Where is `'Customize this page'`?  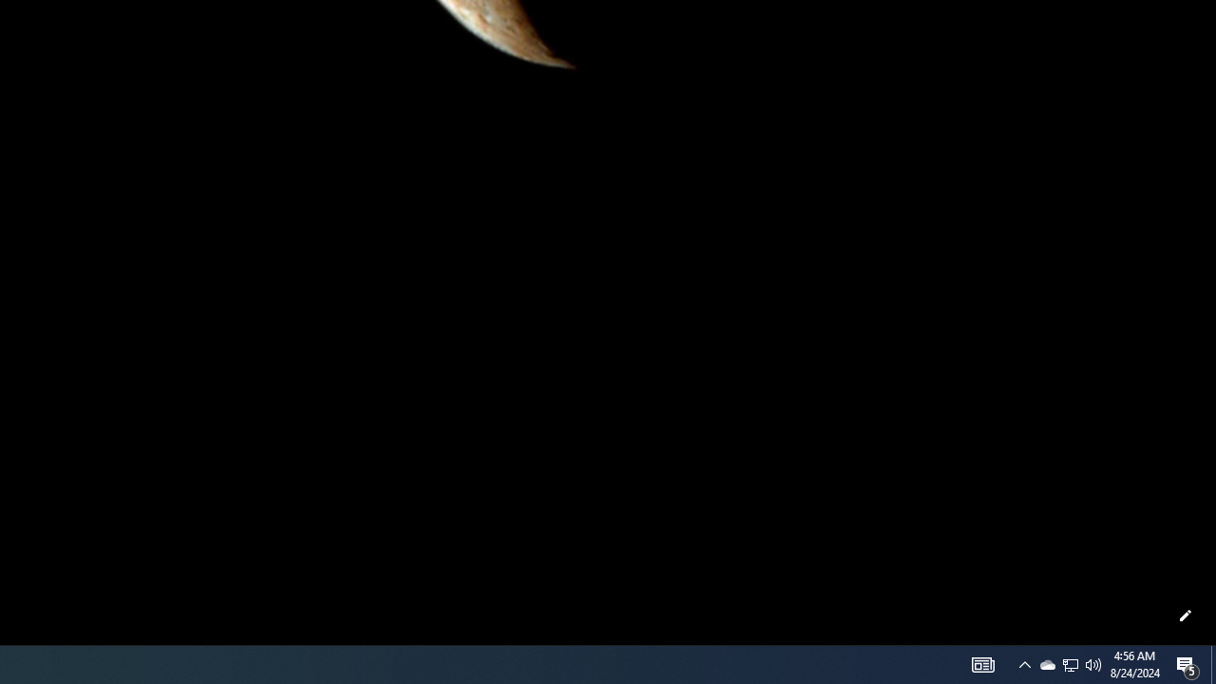
'Customize this page' is located at coordinates (1185, 616).